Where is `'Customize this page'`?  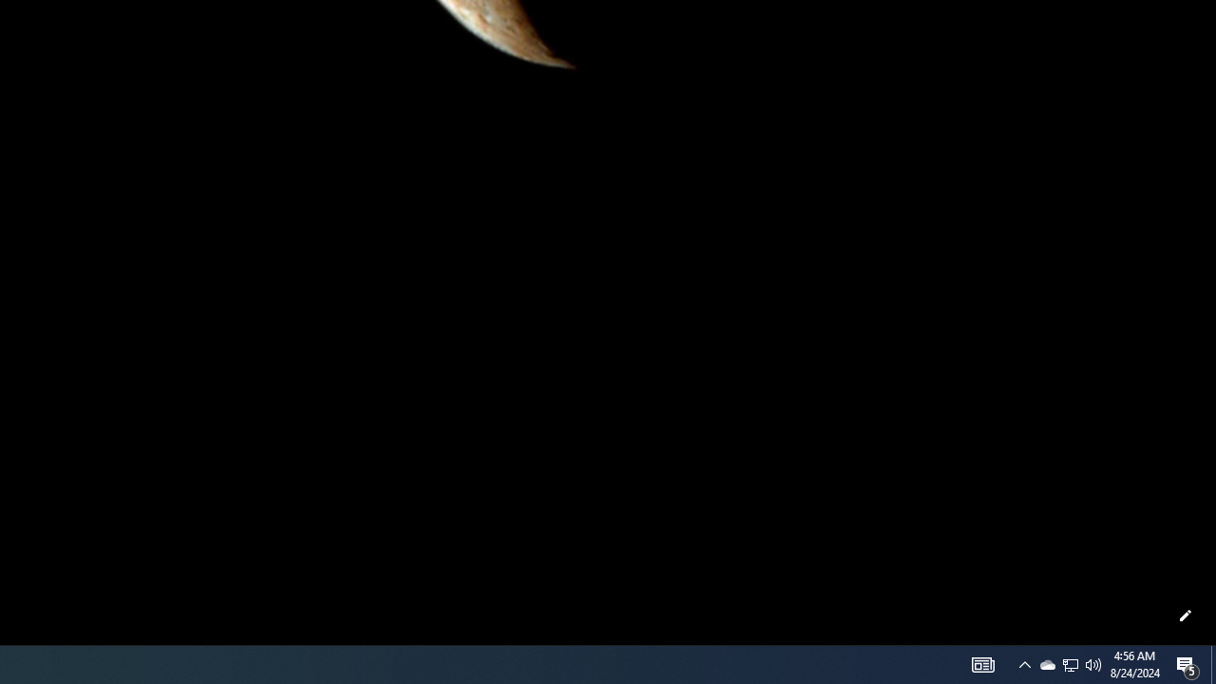
'Customize this page' is located at coordinates (1185, 616).